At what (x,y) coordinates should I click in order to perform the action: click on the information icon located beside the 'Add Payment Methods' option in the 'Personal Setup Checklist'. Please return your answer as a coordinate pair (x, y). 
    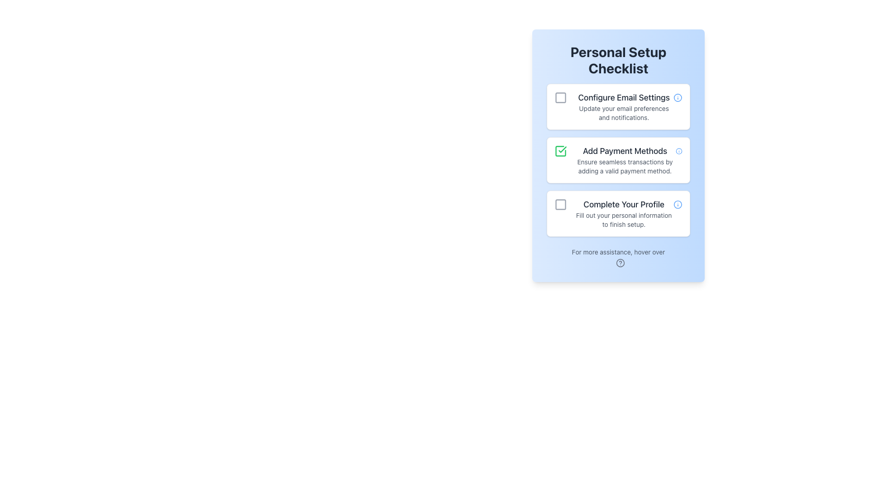
    Looking at the image, I should click on (678, 151).